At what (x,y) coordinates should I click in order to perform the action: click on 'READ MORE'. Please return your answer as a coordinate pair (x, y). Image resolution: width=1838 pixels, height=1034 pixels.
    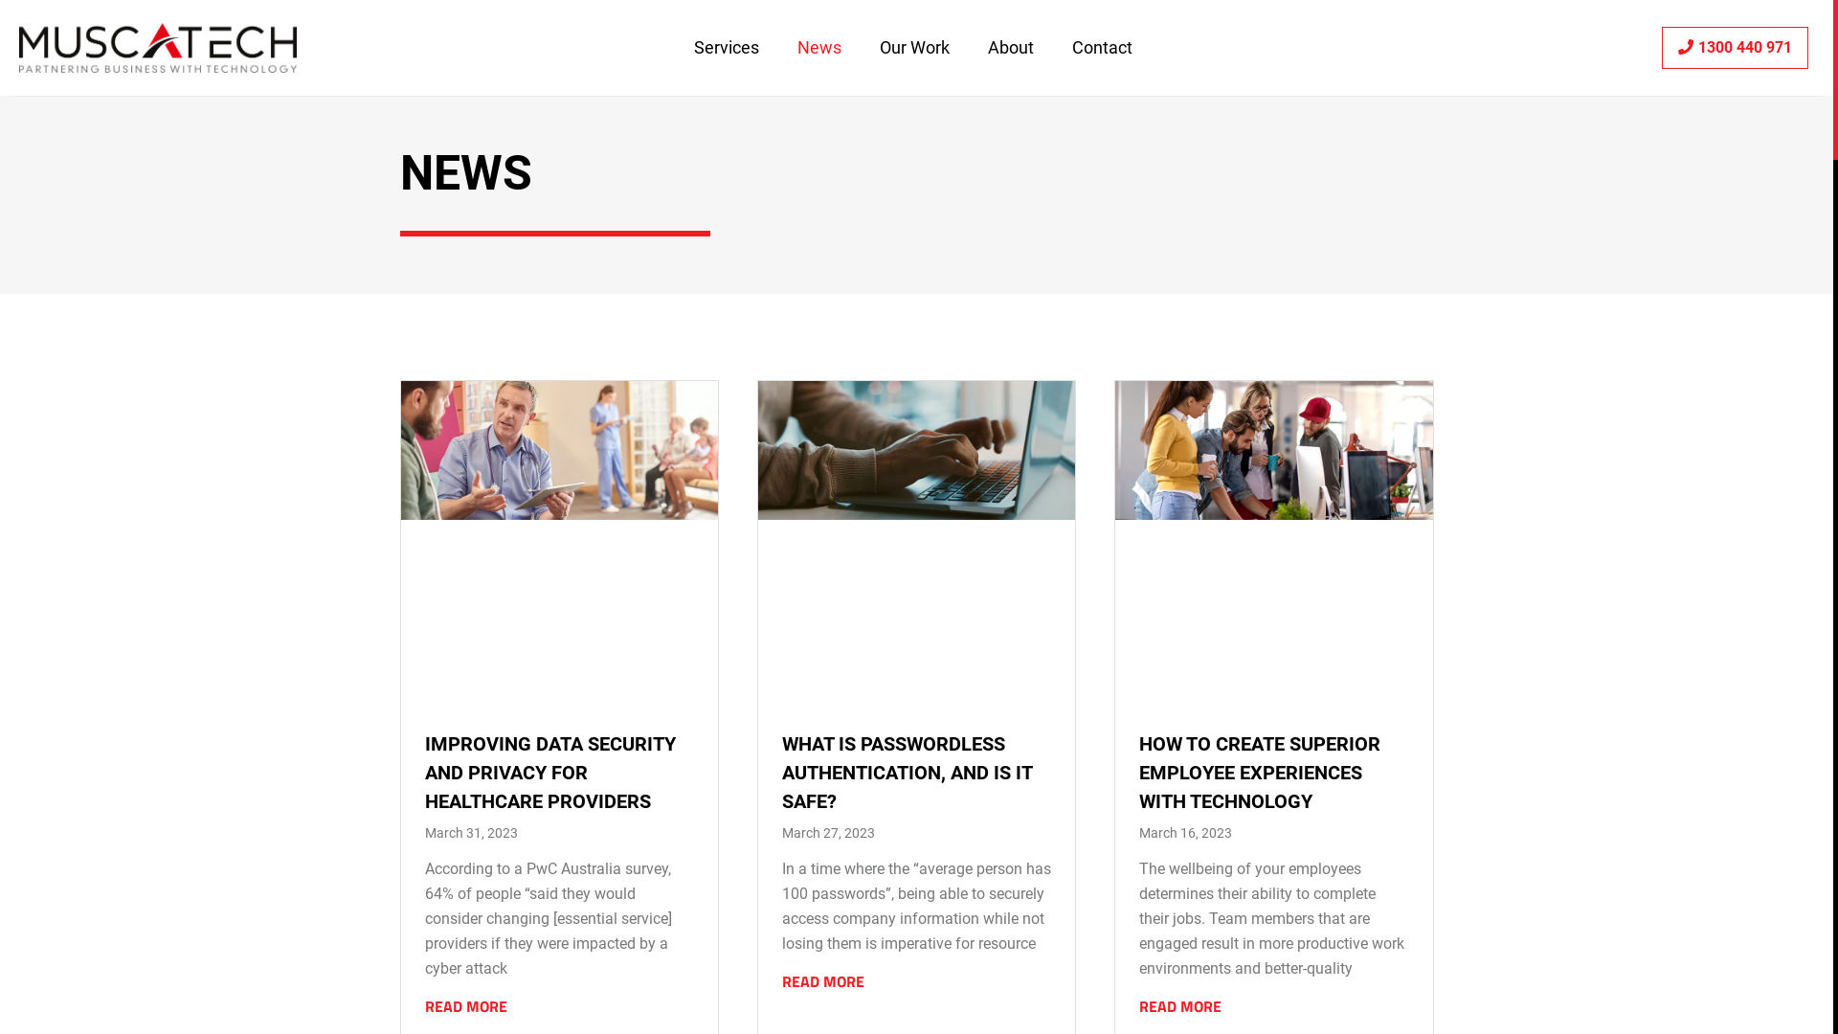
    Looking at the image, I should click on (465, 1004).